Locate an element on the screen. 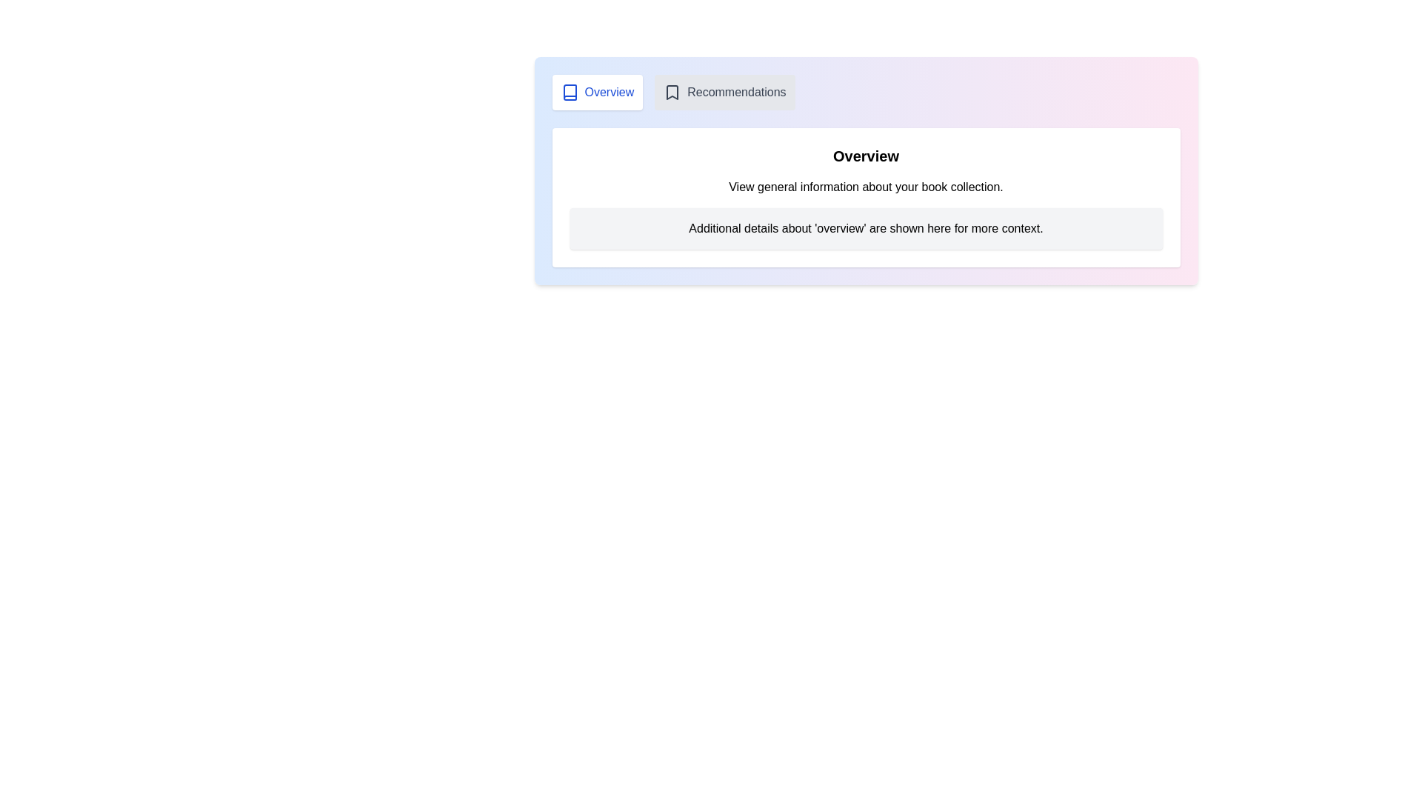 This screenshot has width=1422, height=800. the Overview tab by clicking on its button is located at coordinates (597, 92).